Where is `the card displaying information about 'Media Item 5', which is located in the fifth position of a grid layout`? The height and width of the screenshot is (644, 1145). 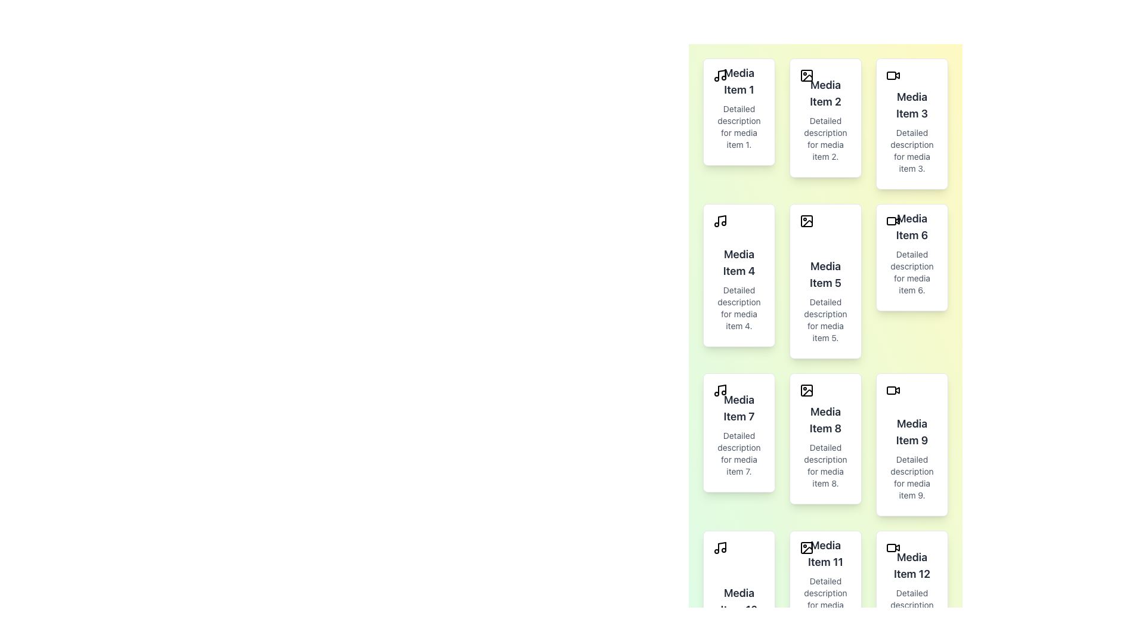
the card displaying information about 'Media Item 5', which is located in the fifth position of a grid layout is located at coordinates (825, 281).